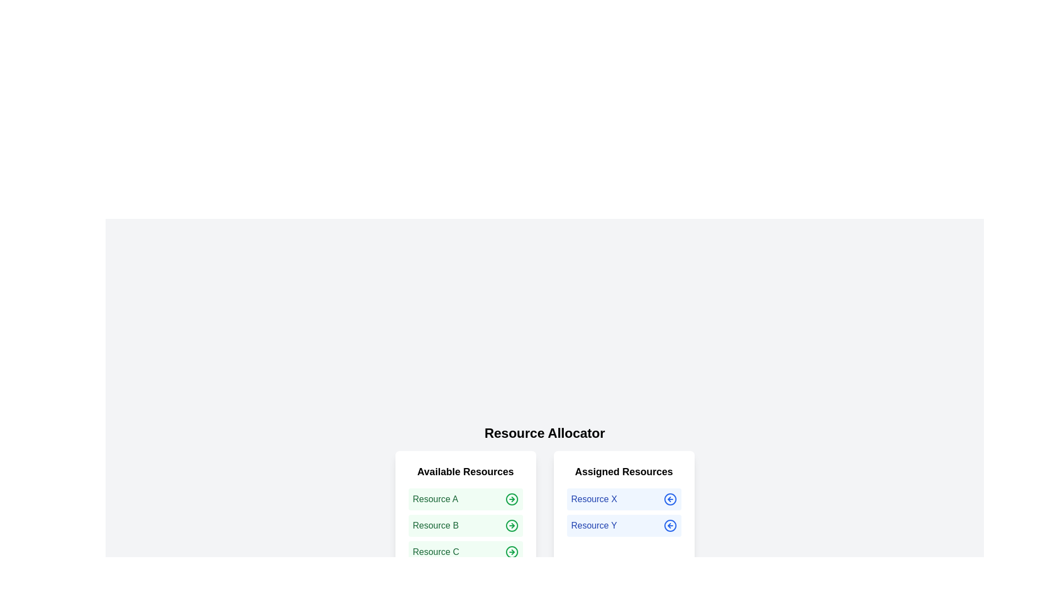 The width and height of the screenshot is (1056, 594). Describe the element at coordinates (511, 499) in the screenshot. I see `arrow icon next to the resource Resource A in the 'Available Resources' list to allocate it` at that location.